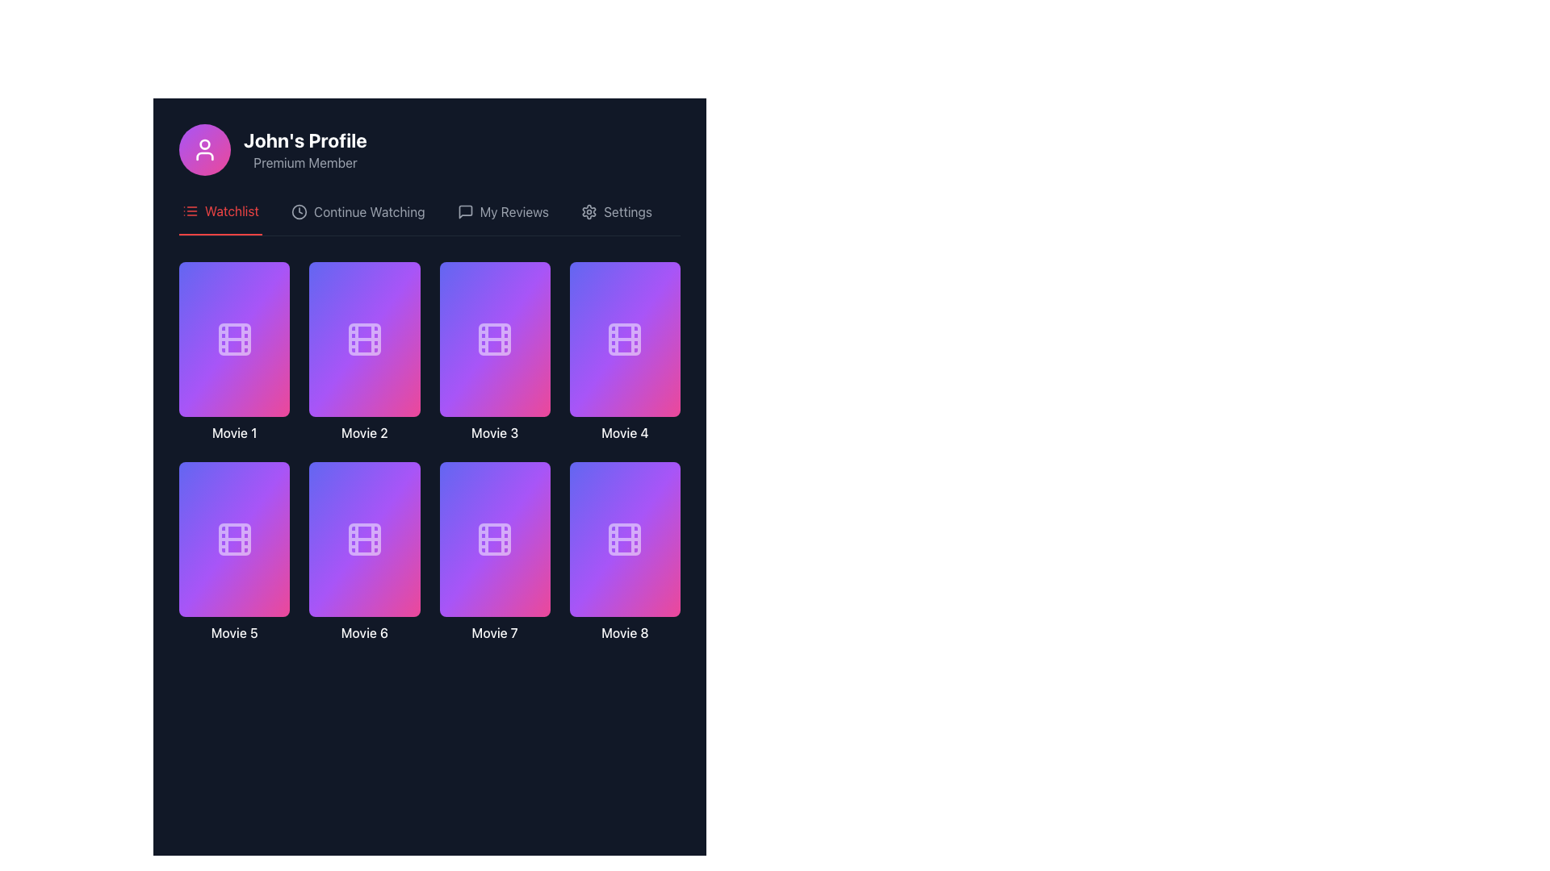  What do you see at coordinates (233, 331) in the screenshot?
I see `the play button located in the top-left corner of the 'Movie 1' card` at bounding box center [233, 331].